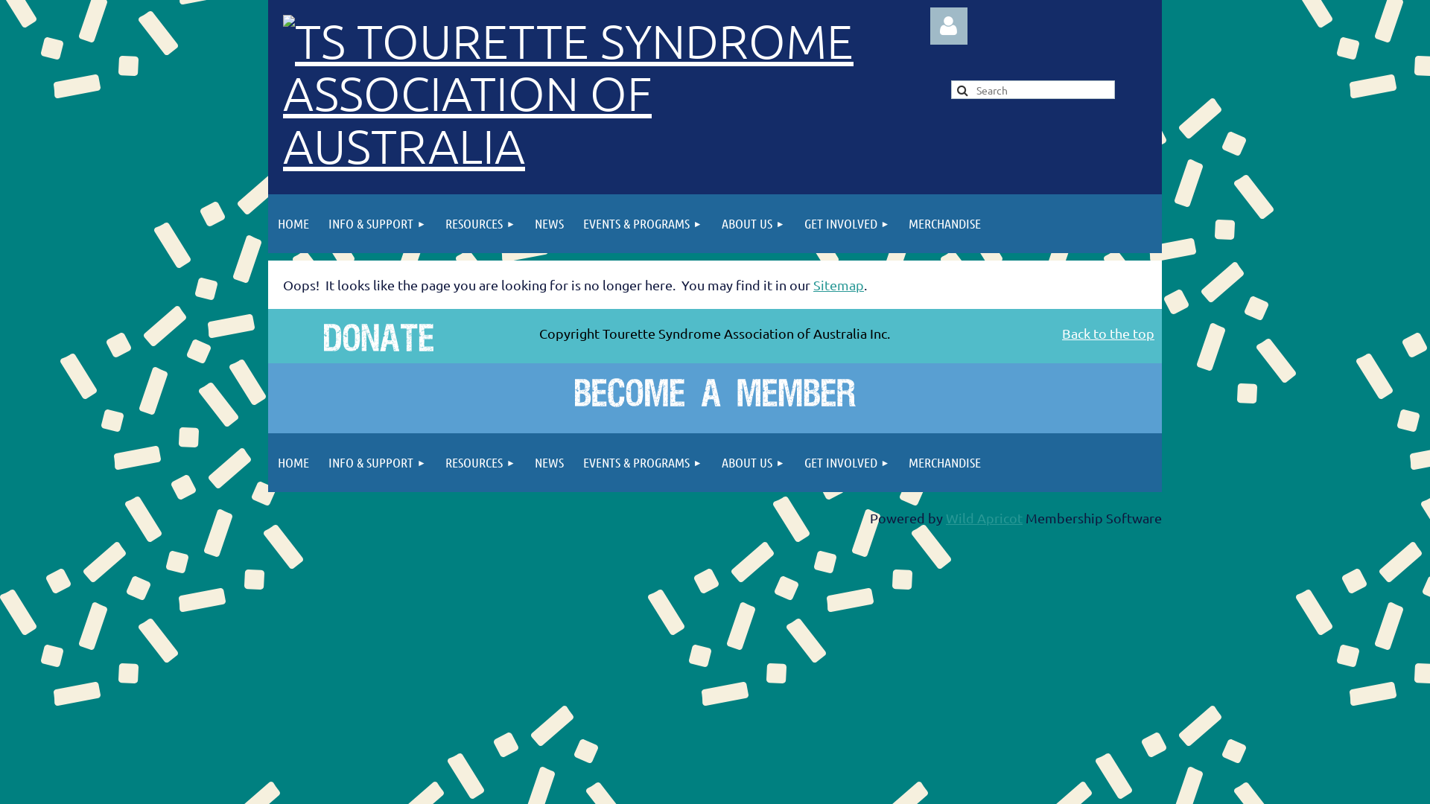 Image resolution: width=1430 pixels, height=804 pixels. What do you see at coordinates (548, 462) in the screenshot?
I see `'NEWS'` at bounding box center [548, 462].